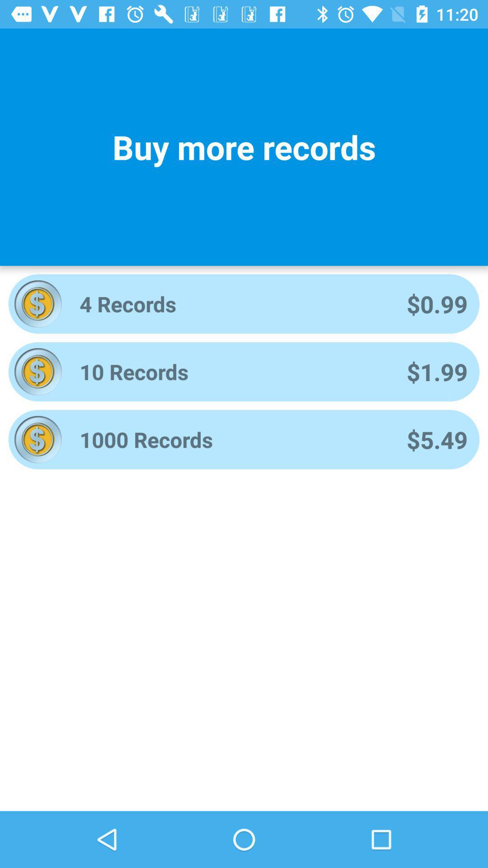  What do you see at coordinates (230, 304) in the screenshot?
I see `4 records` at bounding box center [230, 304].